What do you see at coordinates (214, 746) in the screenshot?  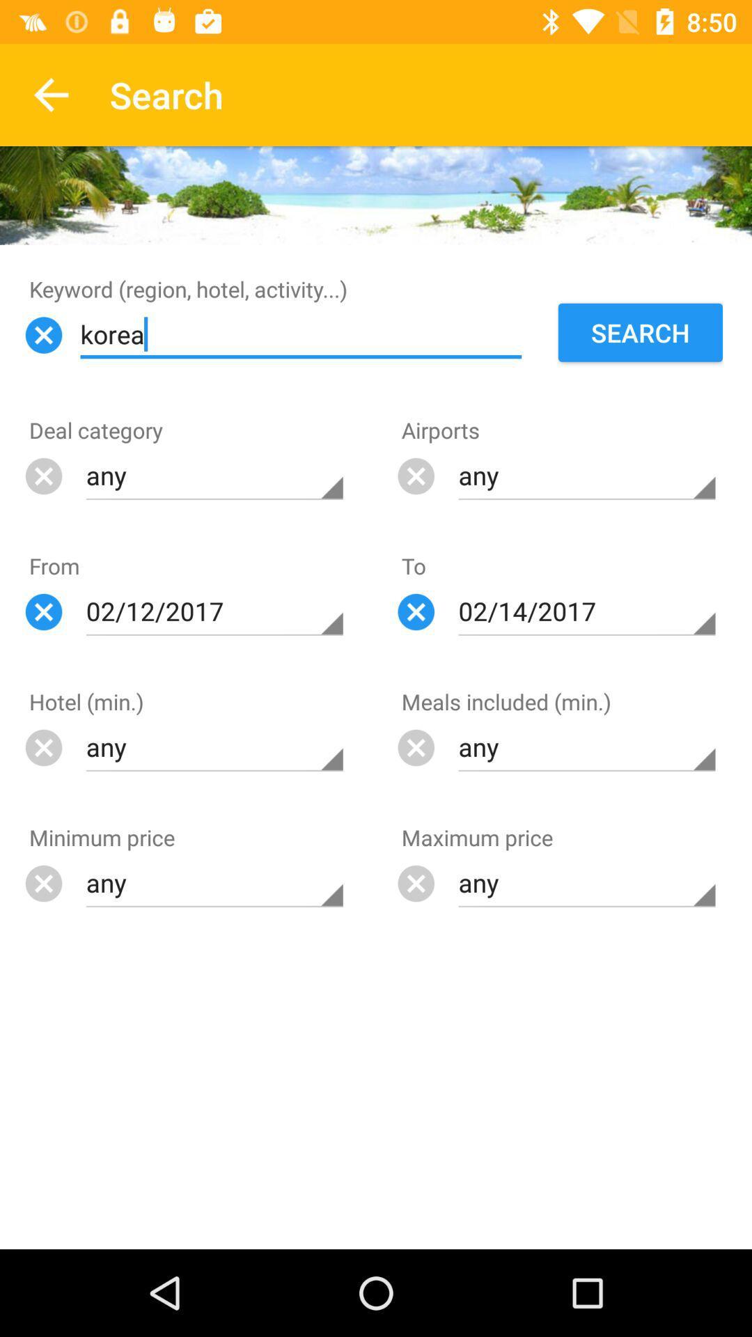 I see `any field which is below hotel min` at bounding box center [214, 746].